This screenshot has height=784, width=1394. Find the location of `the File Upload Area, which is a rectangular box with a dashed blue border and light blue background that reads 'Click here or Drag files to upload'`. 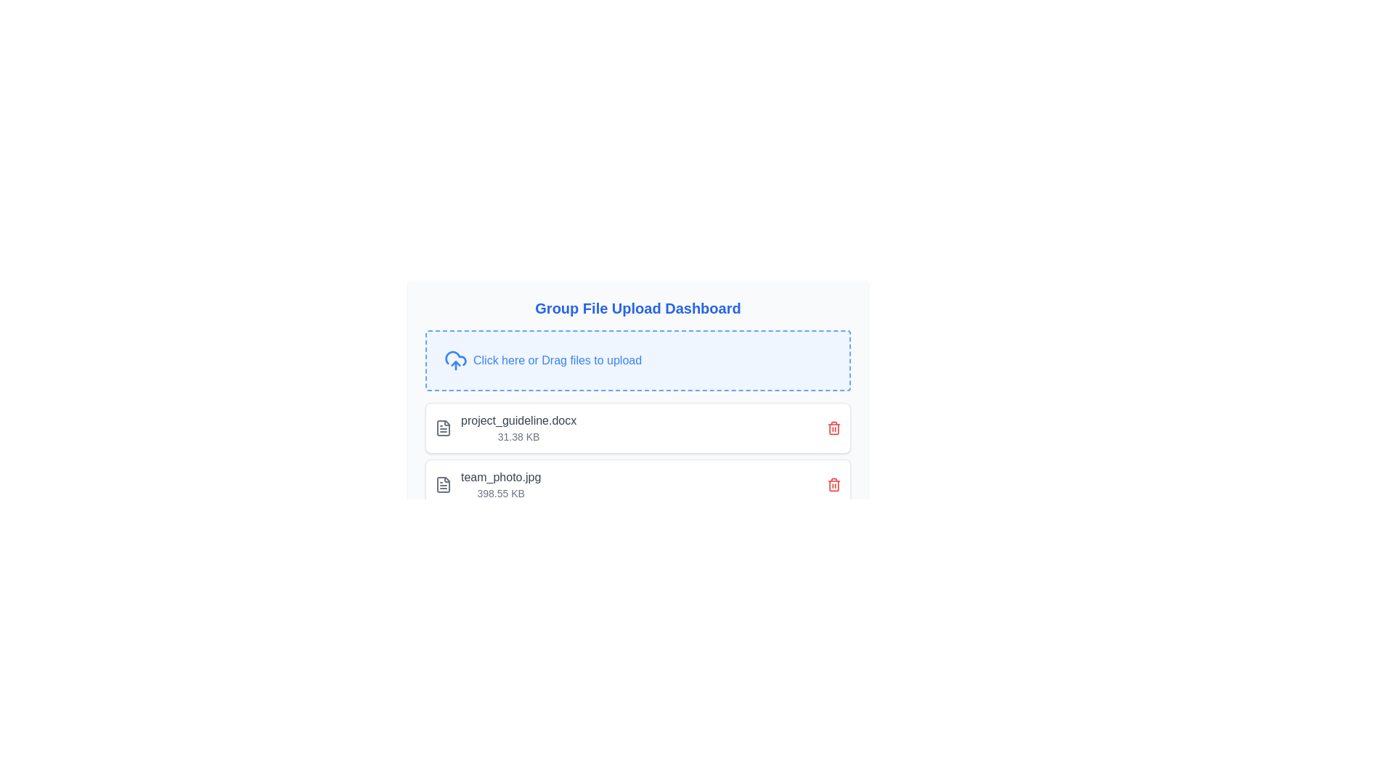

the File Upload Area, which is a rectangular box with a dashed blue border and light blue background that reads 'Click here or Drag files to upload' is located at coordinates (637, 380).